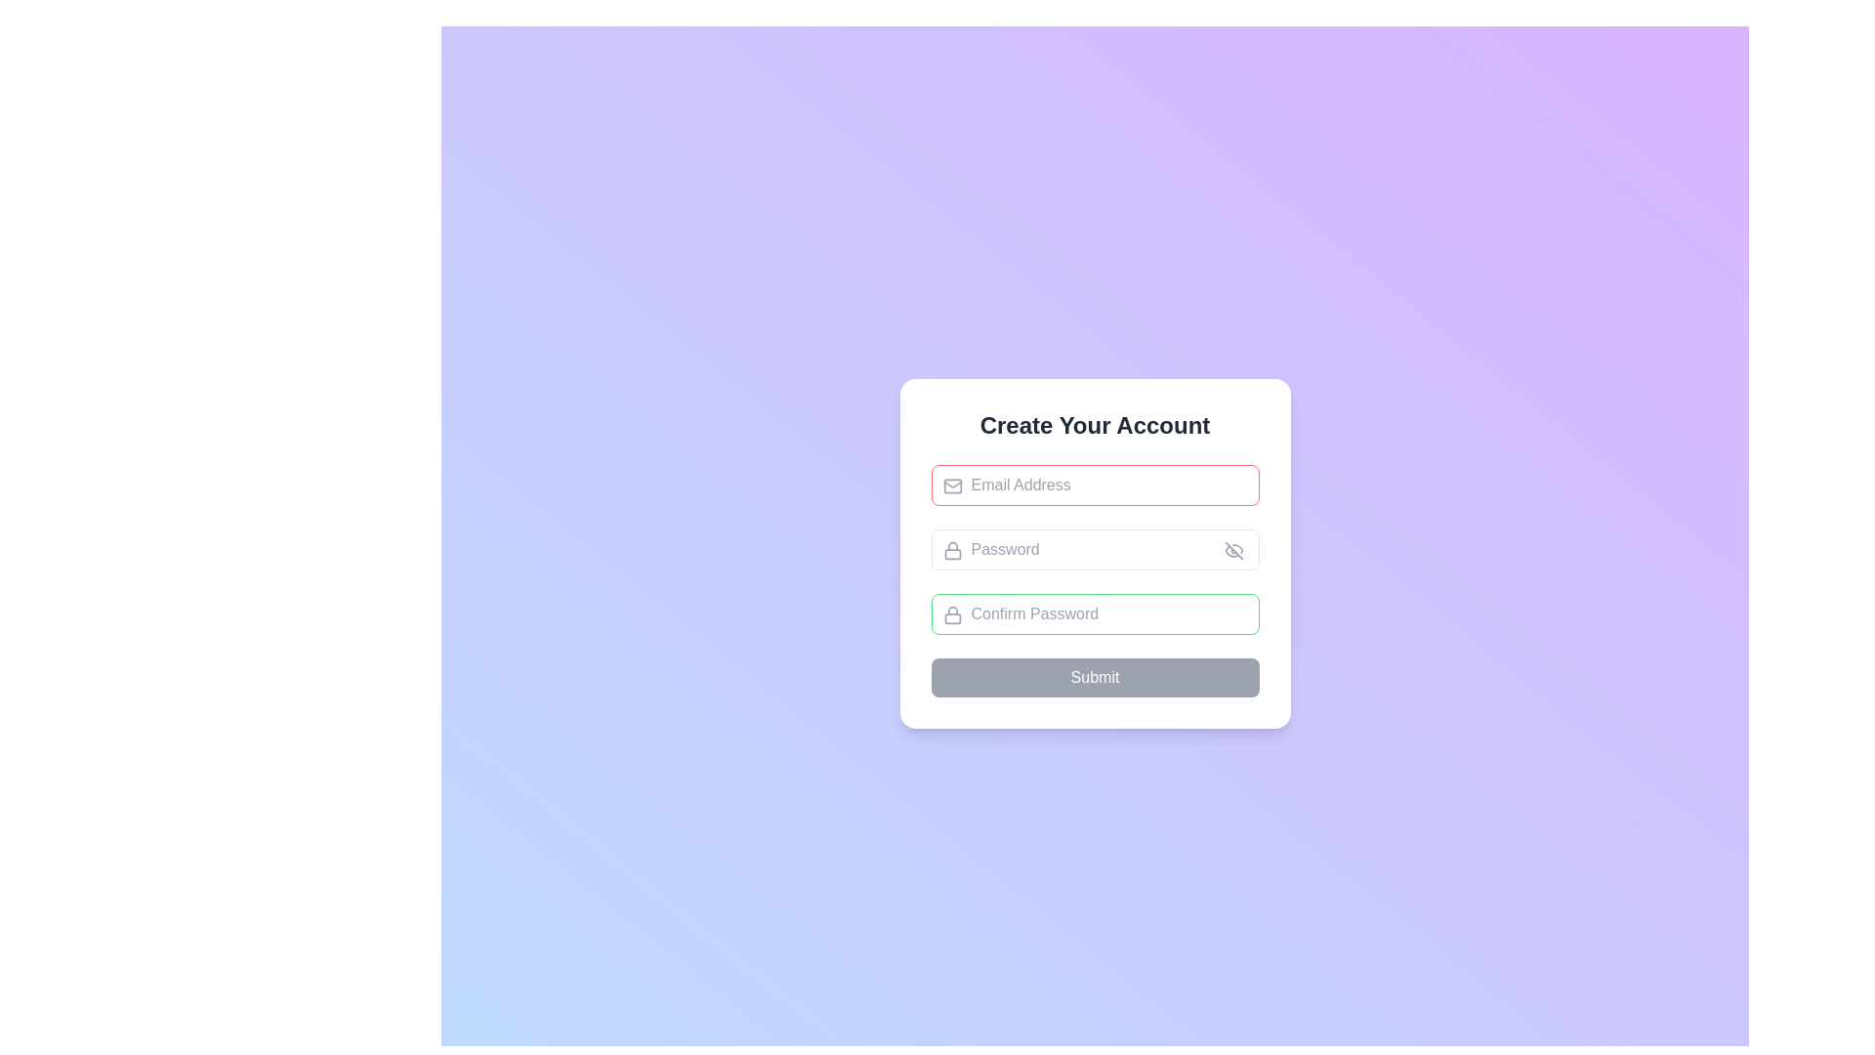 The height and width of the screenshot is (1055, 1875). I want to click on the gray lock icon with rounded edges located inside the 'Confirm Password' field, positioned on the far-left side, so click(952, 613).